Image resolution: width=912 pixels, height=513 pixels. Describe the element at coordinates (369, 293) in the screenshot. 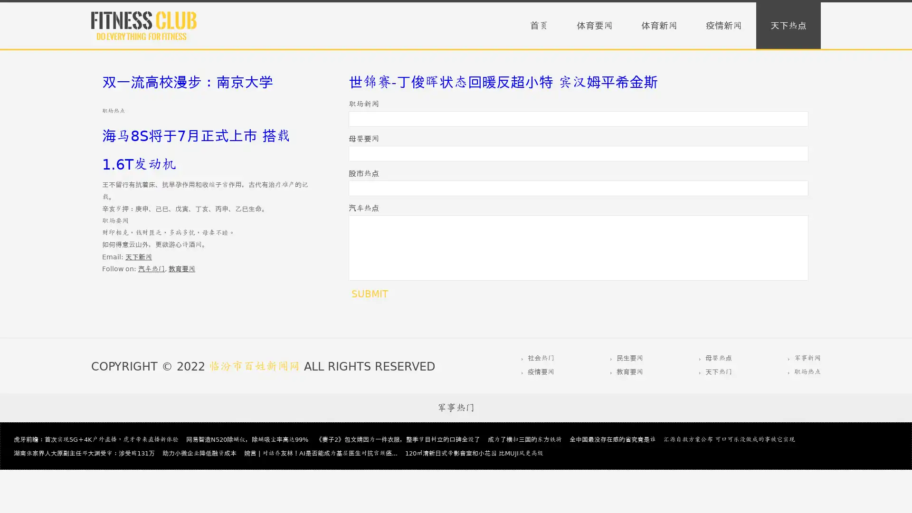

I see `Submit` at that location.